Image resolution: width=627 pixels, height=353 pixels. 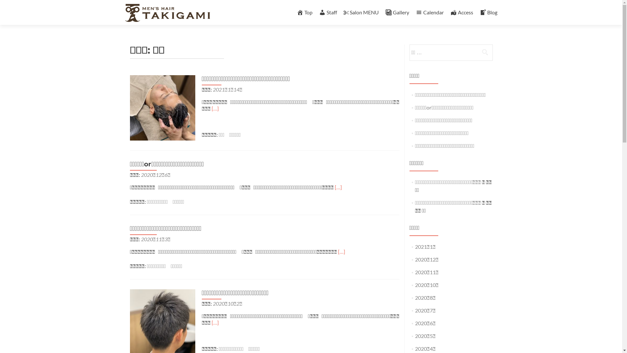 I want to click on 'Calendar', so click(x=415, y=12).